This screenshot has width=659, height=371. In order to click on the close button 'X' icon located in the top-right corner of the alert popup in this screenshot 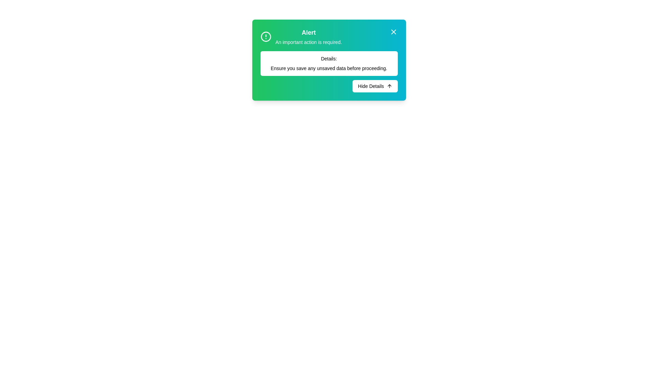, I will do `click(393, 32)`.